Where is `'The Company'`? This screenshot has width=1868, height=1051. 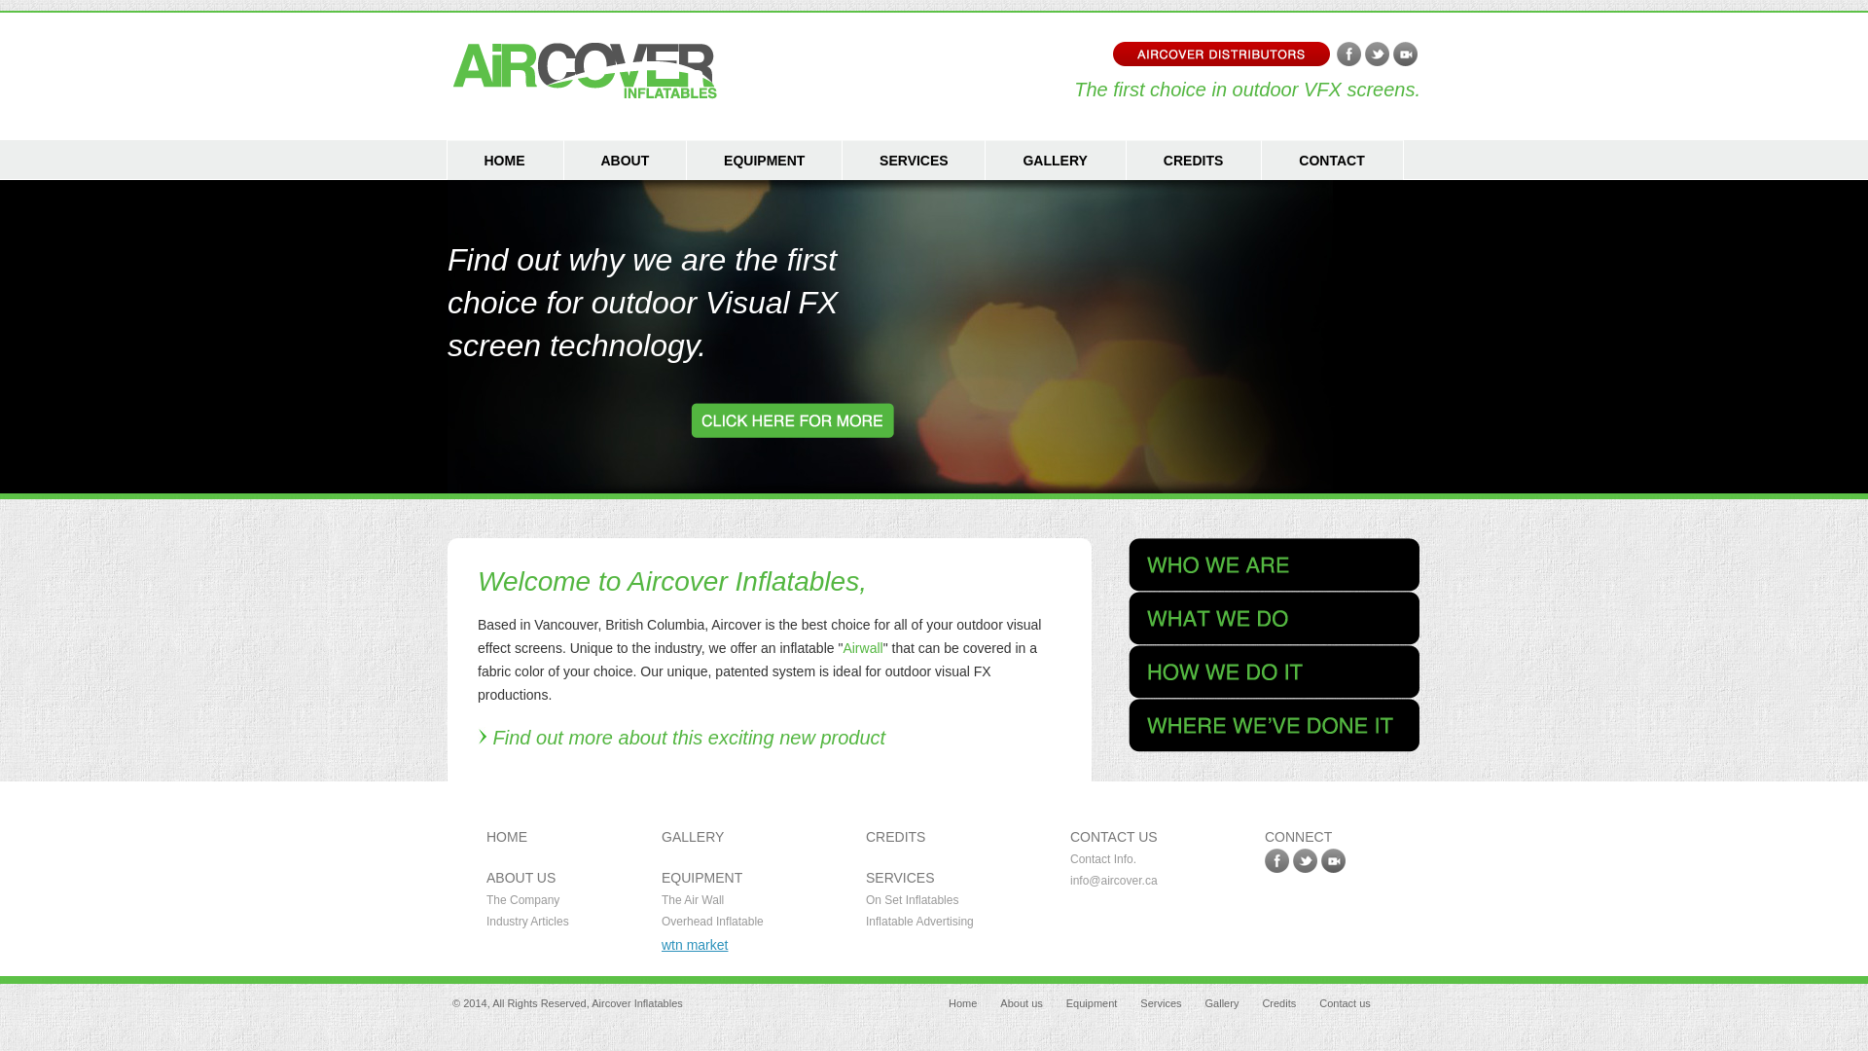 'The Company' is located at coordinates (522, 900).